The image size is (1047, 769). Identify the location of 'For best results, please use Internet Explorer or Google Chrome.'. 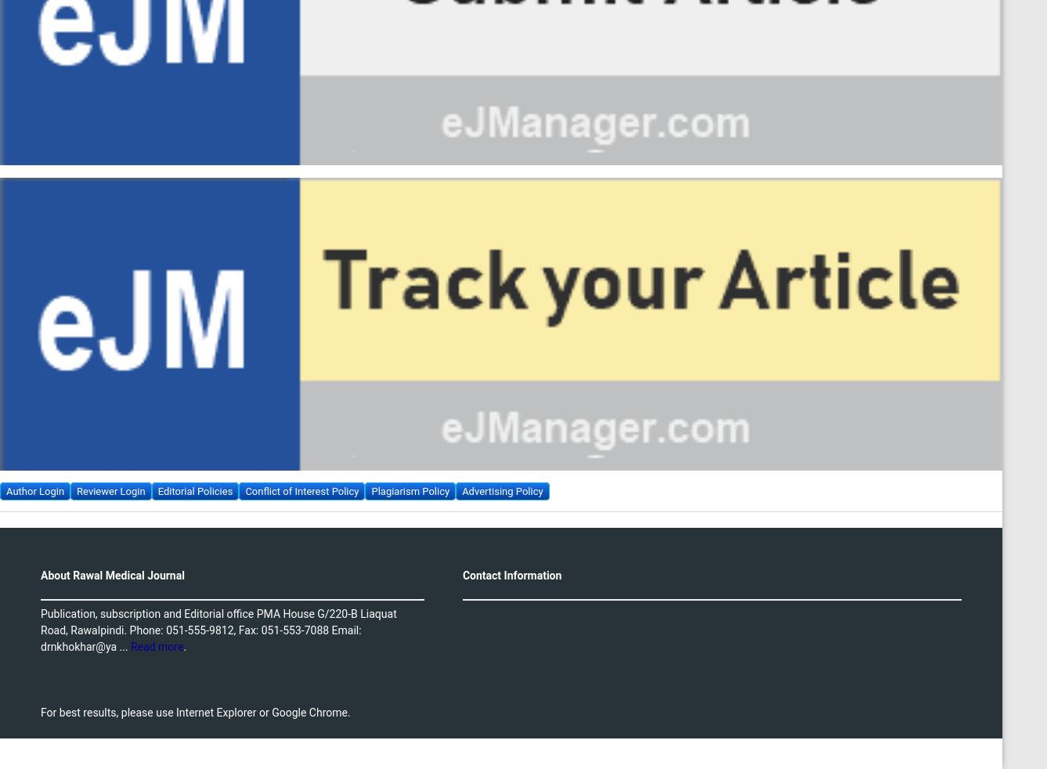
(195, 712).